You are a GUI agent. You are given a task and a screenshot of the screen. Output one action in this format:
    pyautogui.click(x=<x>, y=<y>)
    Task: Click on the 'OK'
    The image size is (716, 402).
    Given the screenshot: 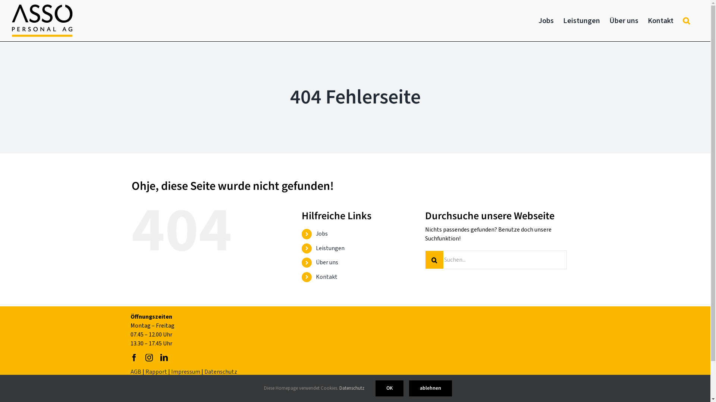 What is the action you would take?
    pyautogui.click(x=389, y=388)
    